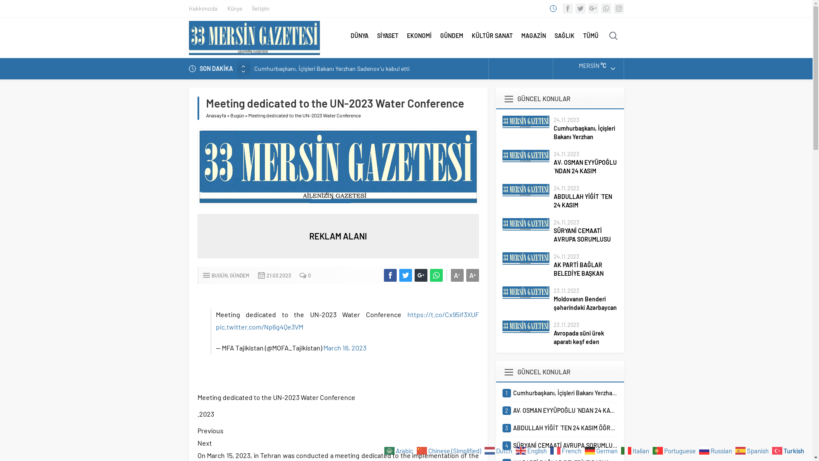  Describe the element at coordinates (605, 8) in the screenshot. I see `'Whatsapp'` at that location.